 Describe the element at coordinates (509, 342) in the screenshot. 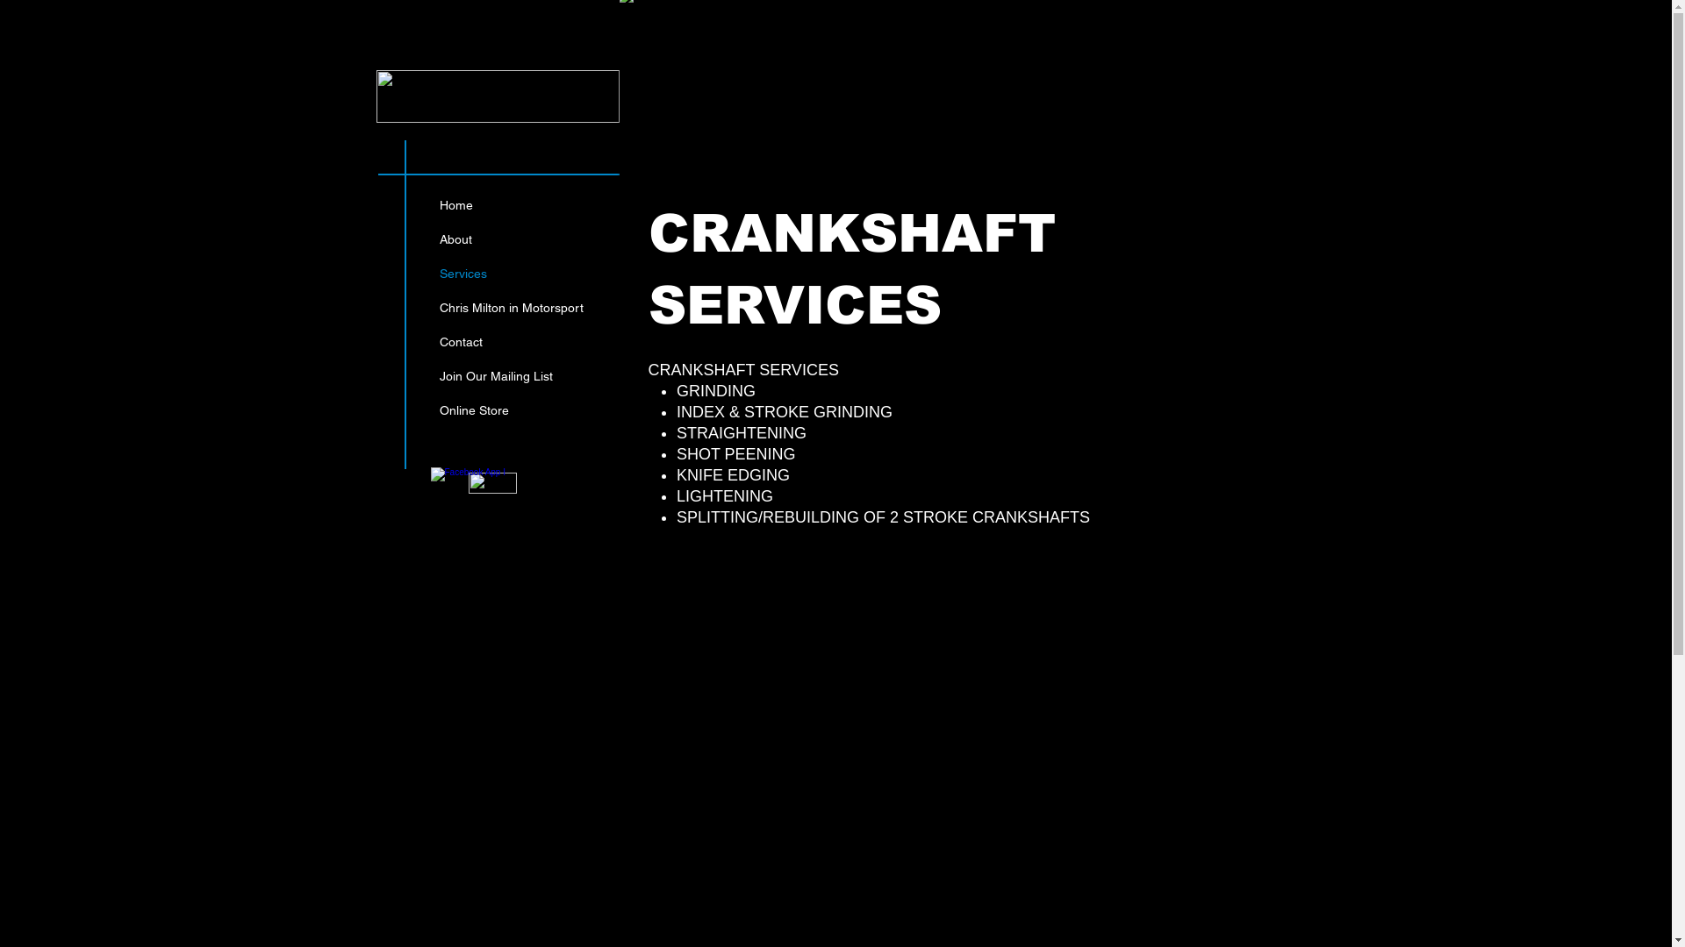

I see `'Contact'` at that location.